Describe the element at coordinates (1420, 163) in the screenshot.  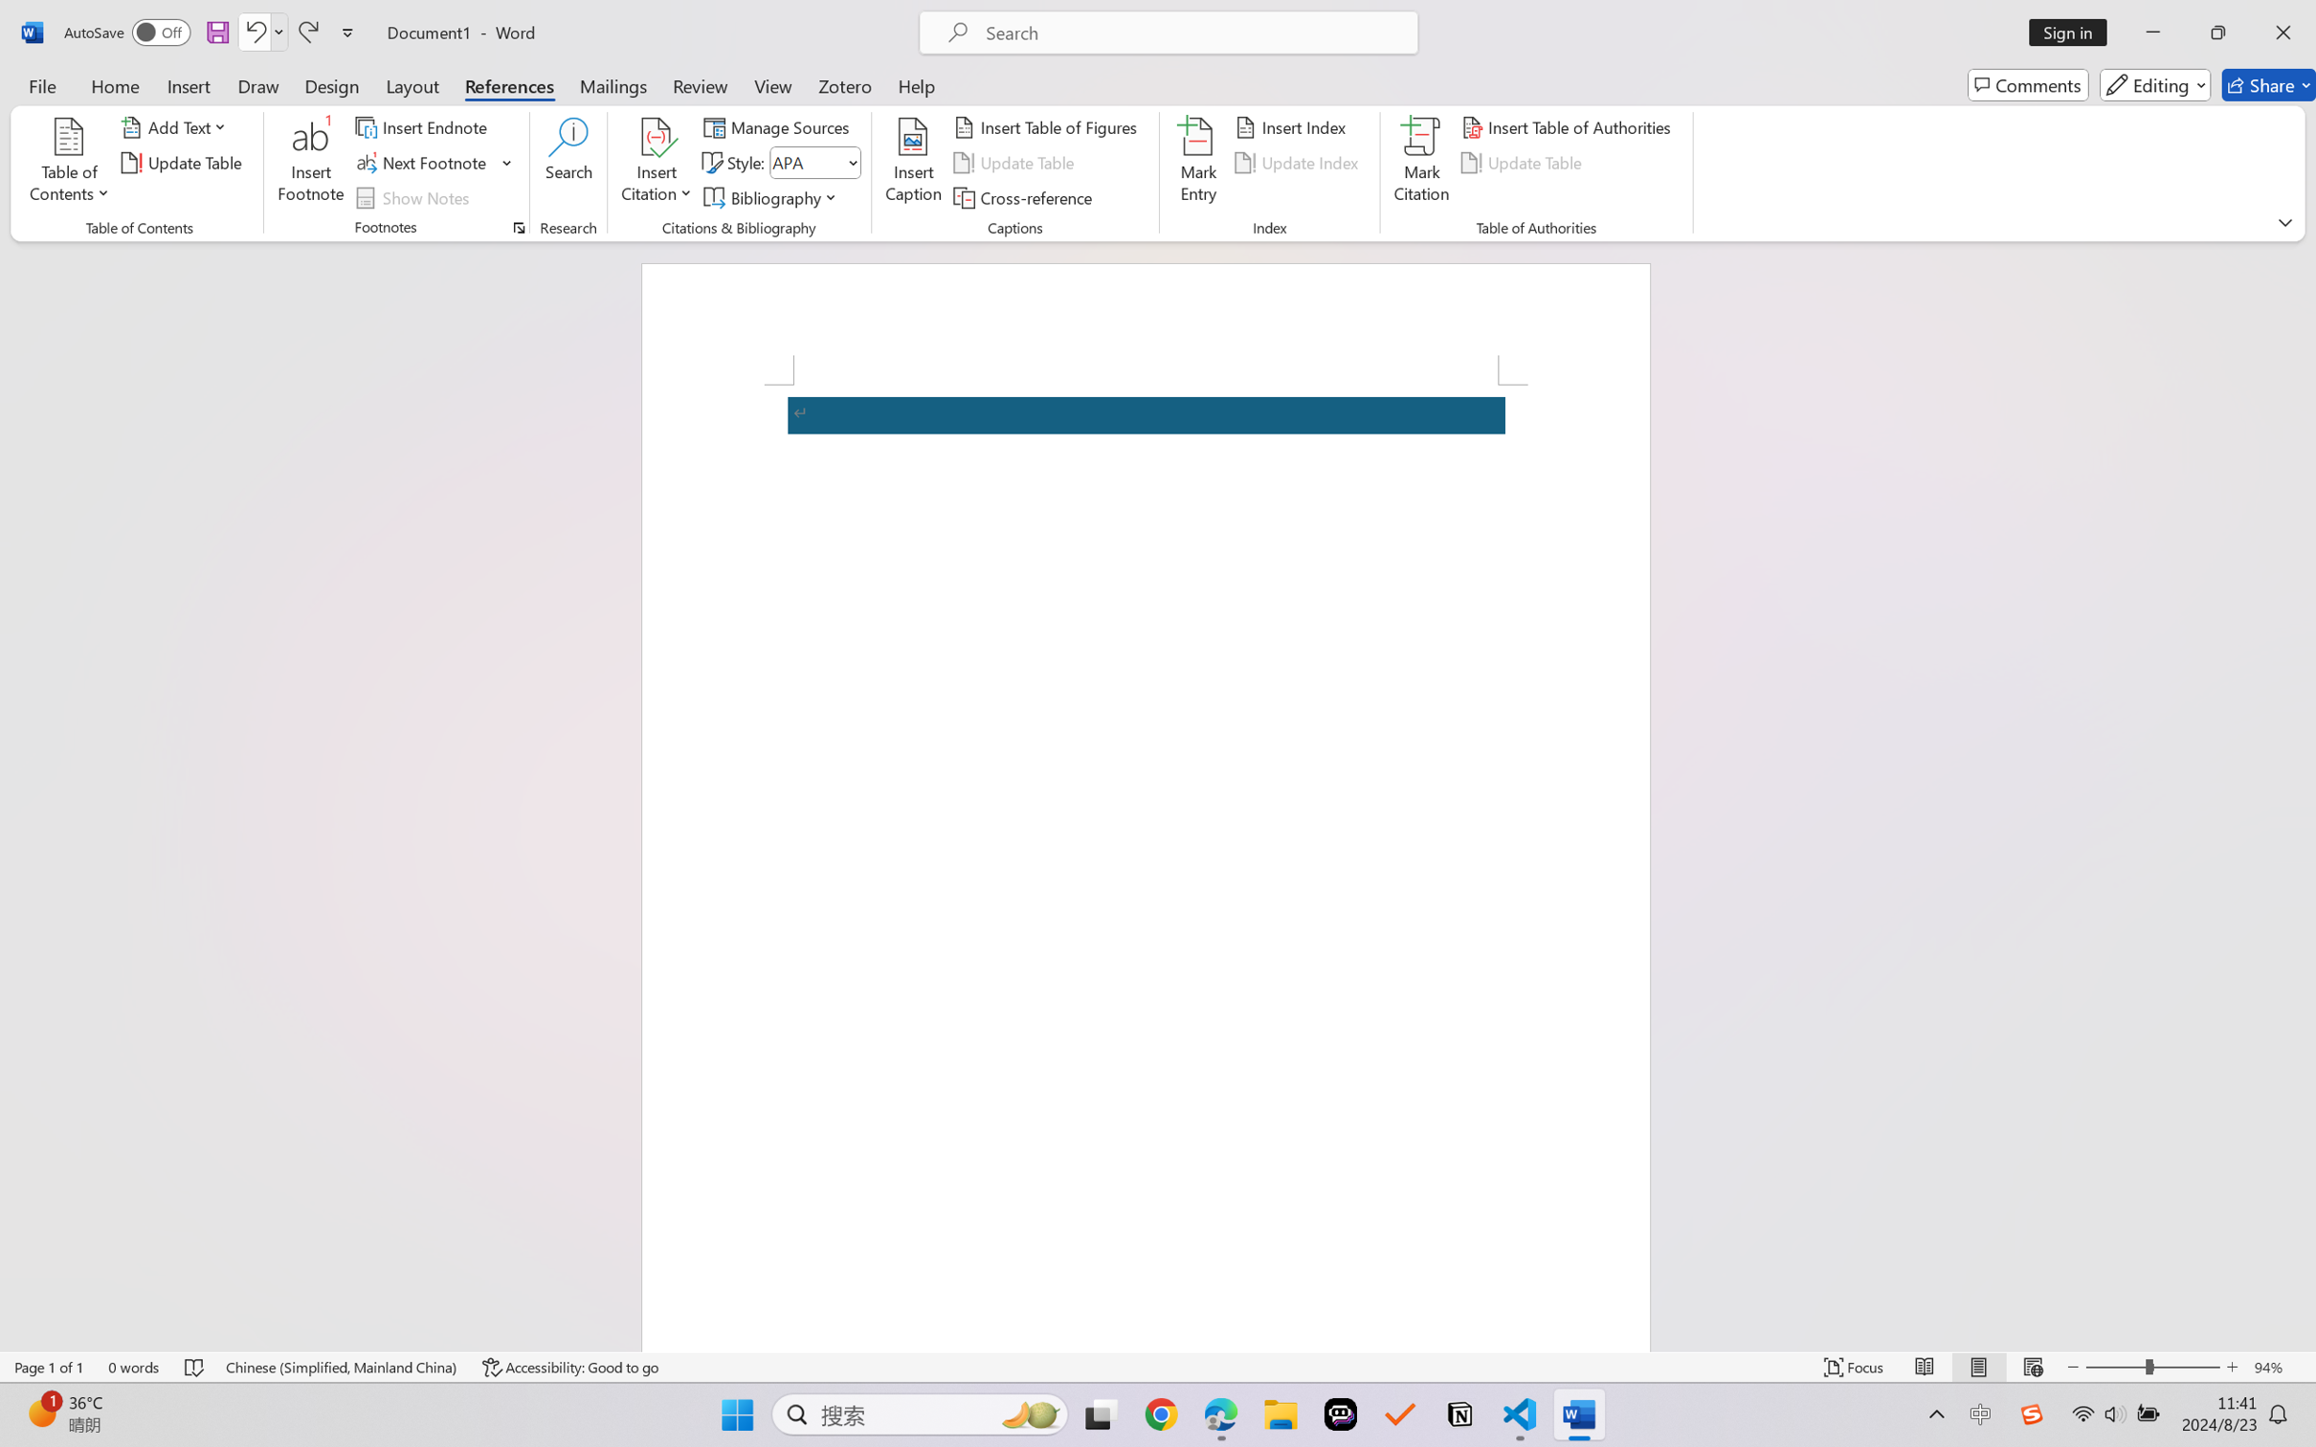
I see `'Mark Citation...'` at that location.